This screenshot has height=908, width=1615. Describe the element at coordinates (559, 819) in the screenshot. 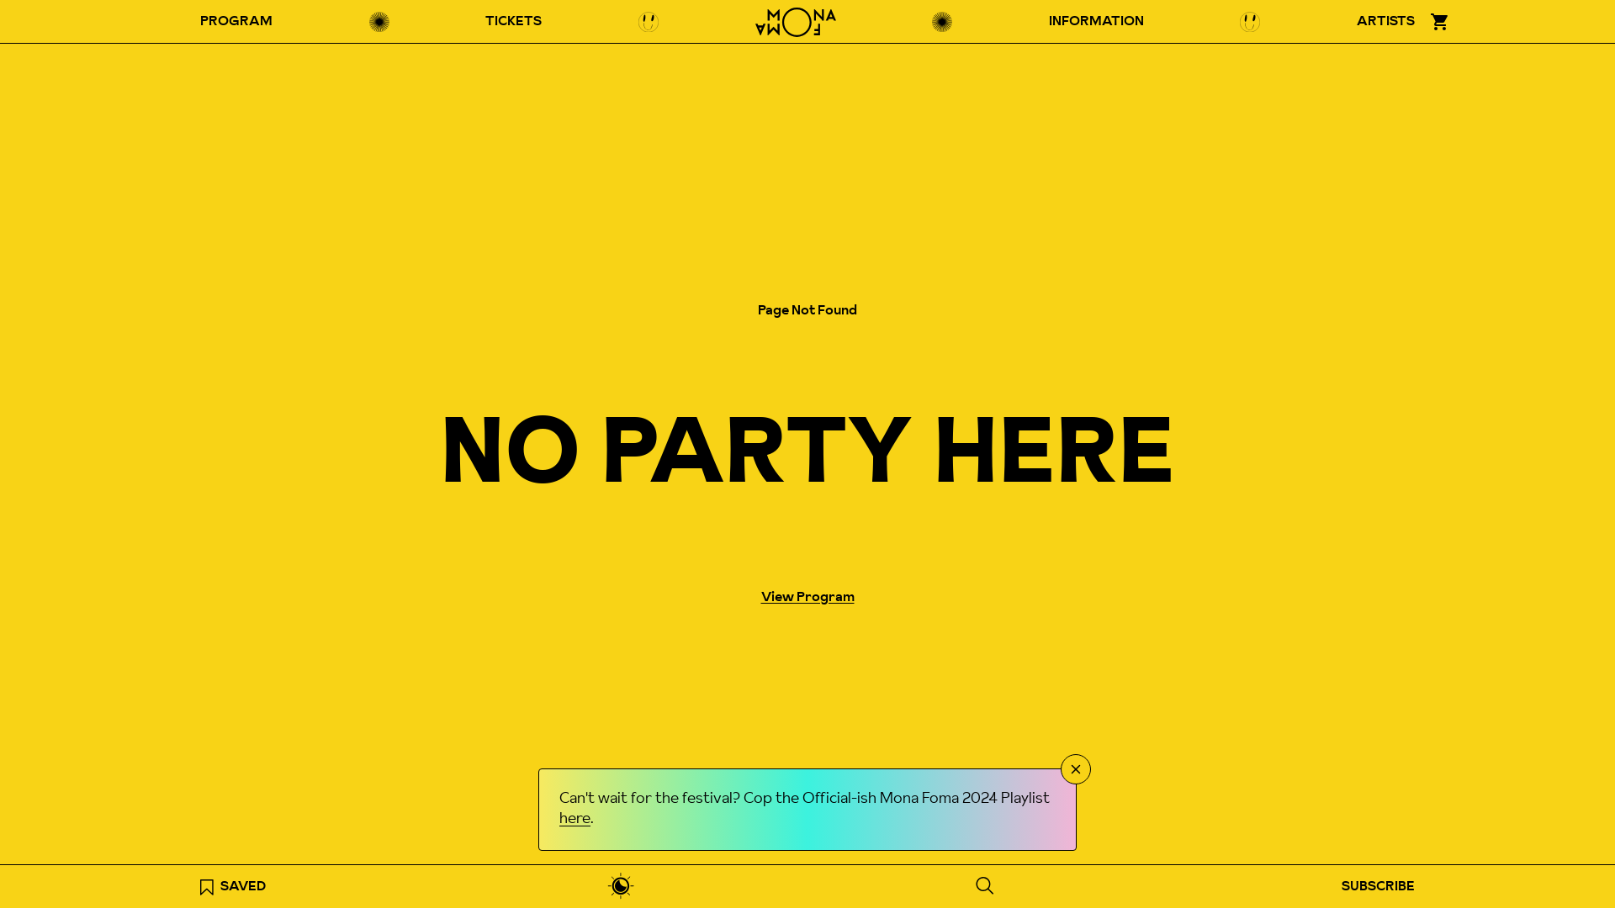

I see `'here'` at that location.